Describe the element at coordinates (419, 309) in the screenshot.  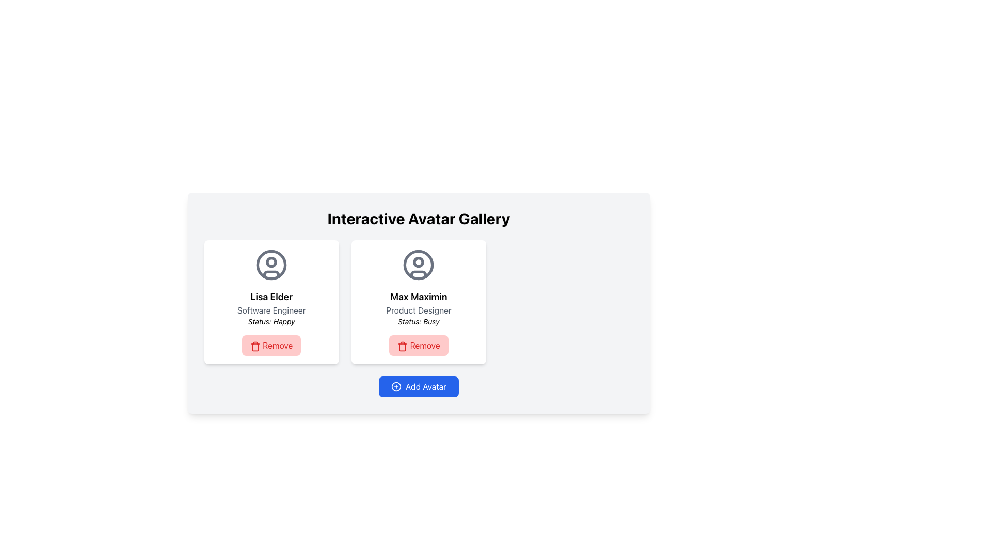
I see `and copy the text 'Product Designer' from the second text label in the profile card for 'Max Maximin'` at that location.